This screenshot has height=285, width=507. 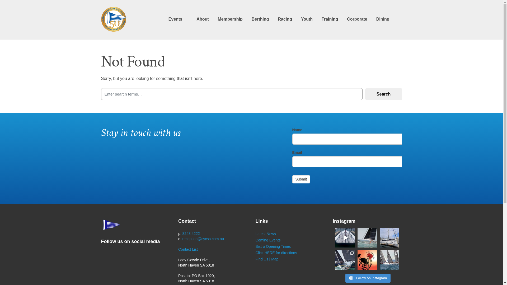 What do you see at coordinates (230, 19) in the screenshot?
I see `'Membership'` at bounding box center [230, 19].